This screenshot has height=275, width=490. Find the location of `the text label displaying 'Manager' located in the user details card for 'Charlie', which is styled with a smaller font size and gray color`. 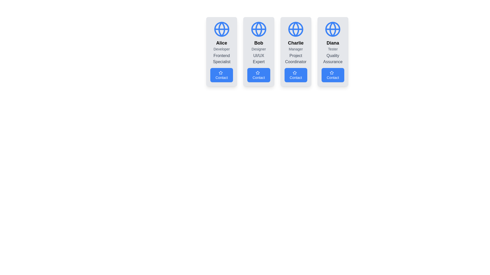

the text label displaying 'Manager' located in the user details card for 'Charlie', which is styled with a smaller font size and gray color is located at coordinates (296, 49).